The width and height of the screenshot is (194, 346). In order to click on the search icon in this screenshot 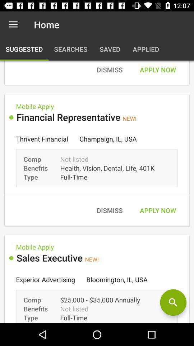, I will do `click(173, 302)`.